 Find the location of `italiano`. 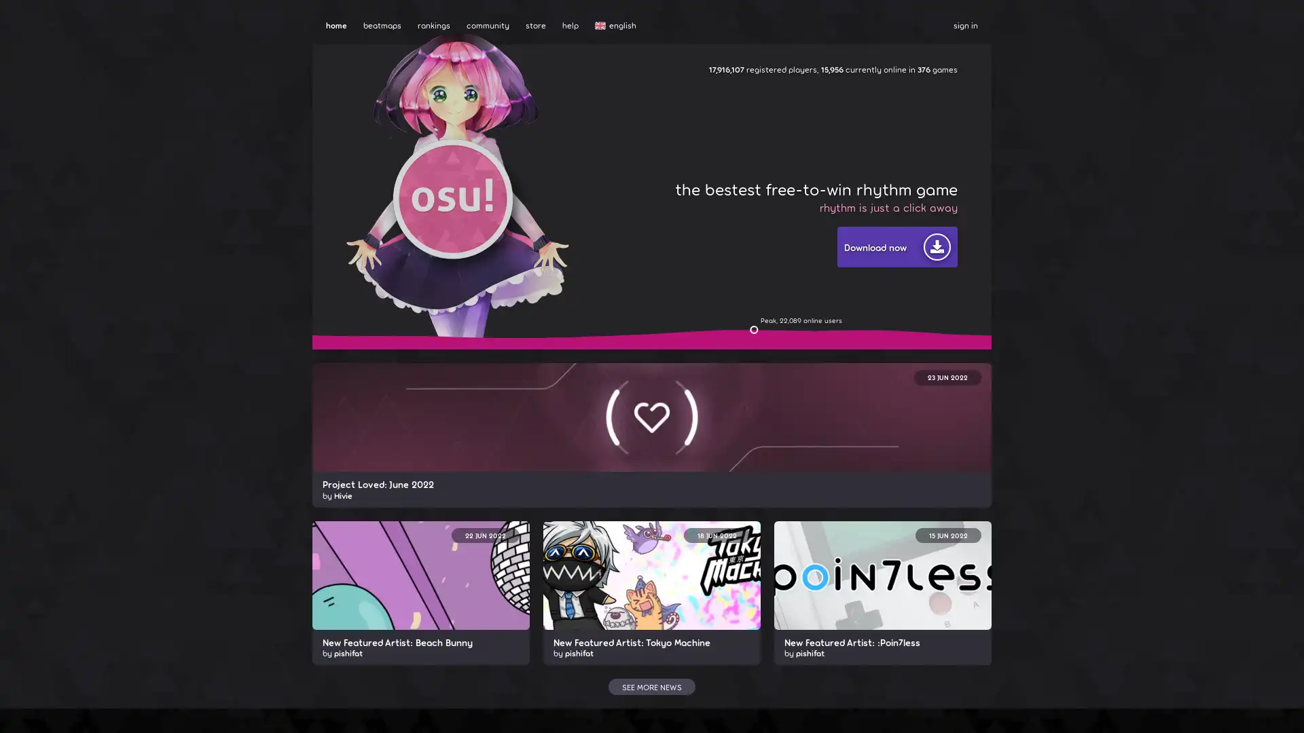

italiano is located at coordinates (635, 269).